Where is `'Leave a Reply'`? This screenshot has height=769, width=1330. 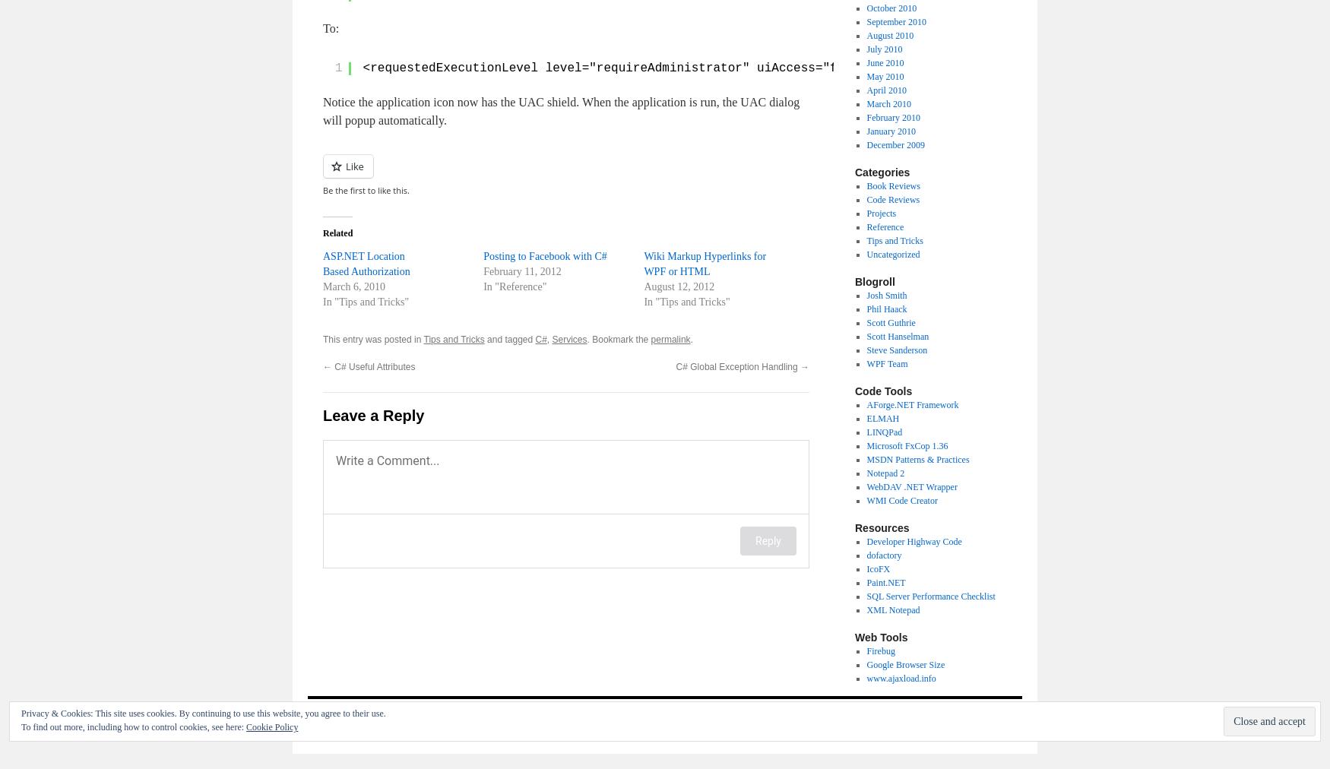
'Leave a Reply' is located at coordinates (322, 414).